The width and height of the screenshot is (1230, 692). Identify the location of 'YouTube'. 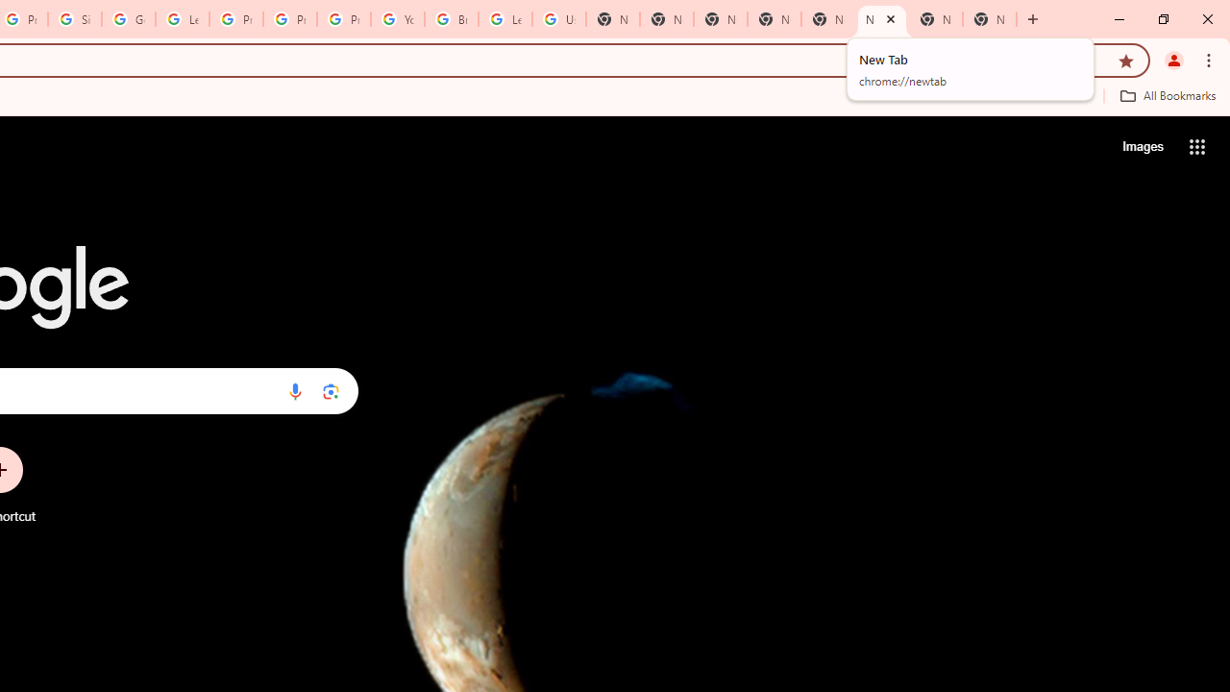
(397, 19).